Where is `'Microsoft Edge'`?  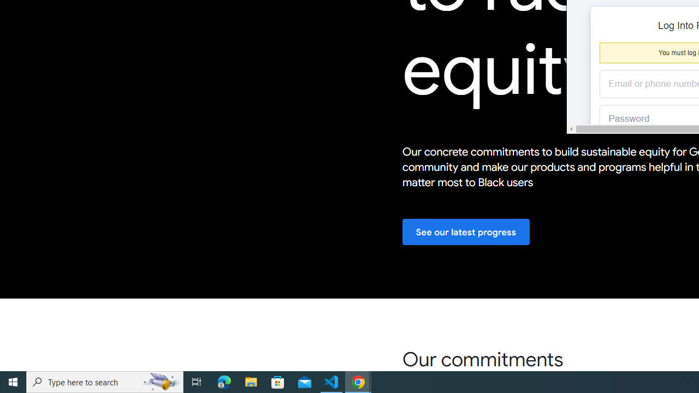 'Microsoft Edge' is located at coordinates (224, 381).